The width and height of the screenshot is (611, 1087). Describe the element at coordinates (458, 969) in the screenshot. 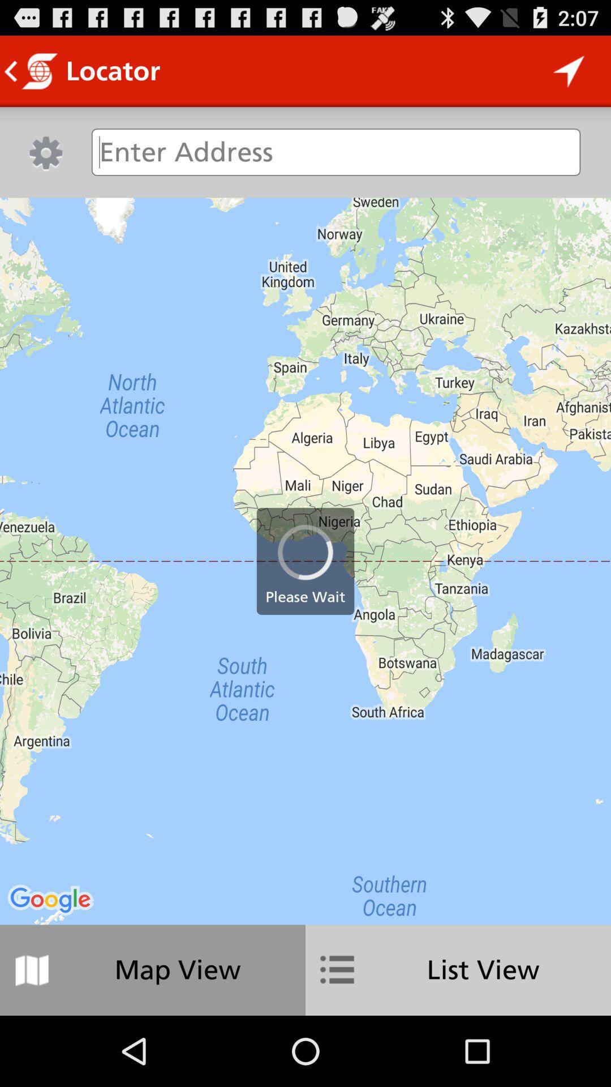

I see `the icon to the right of map view icon` at that location.